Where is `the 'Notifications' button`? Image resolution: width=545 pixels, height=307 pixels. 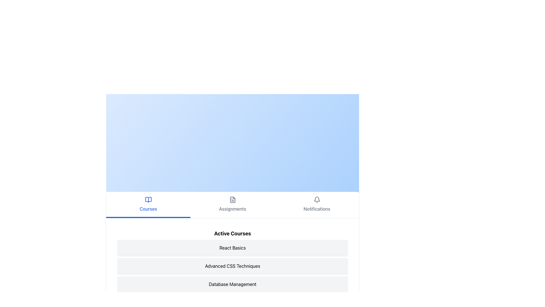
the 'Notifications' button is located at coordinates (316, 205).